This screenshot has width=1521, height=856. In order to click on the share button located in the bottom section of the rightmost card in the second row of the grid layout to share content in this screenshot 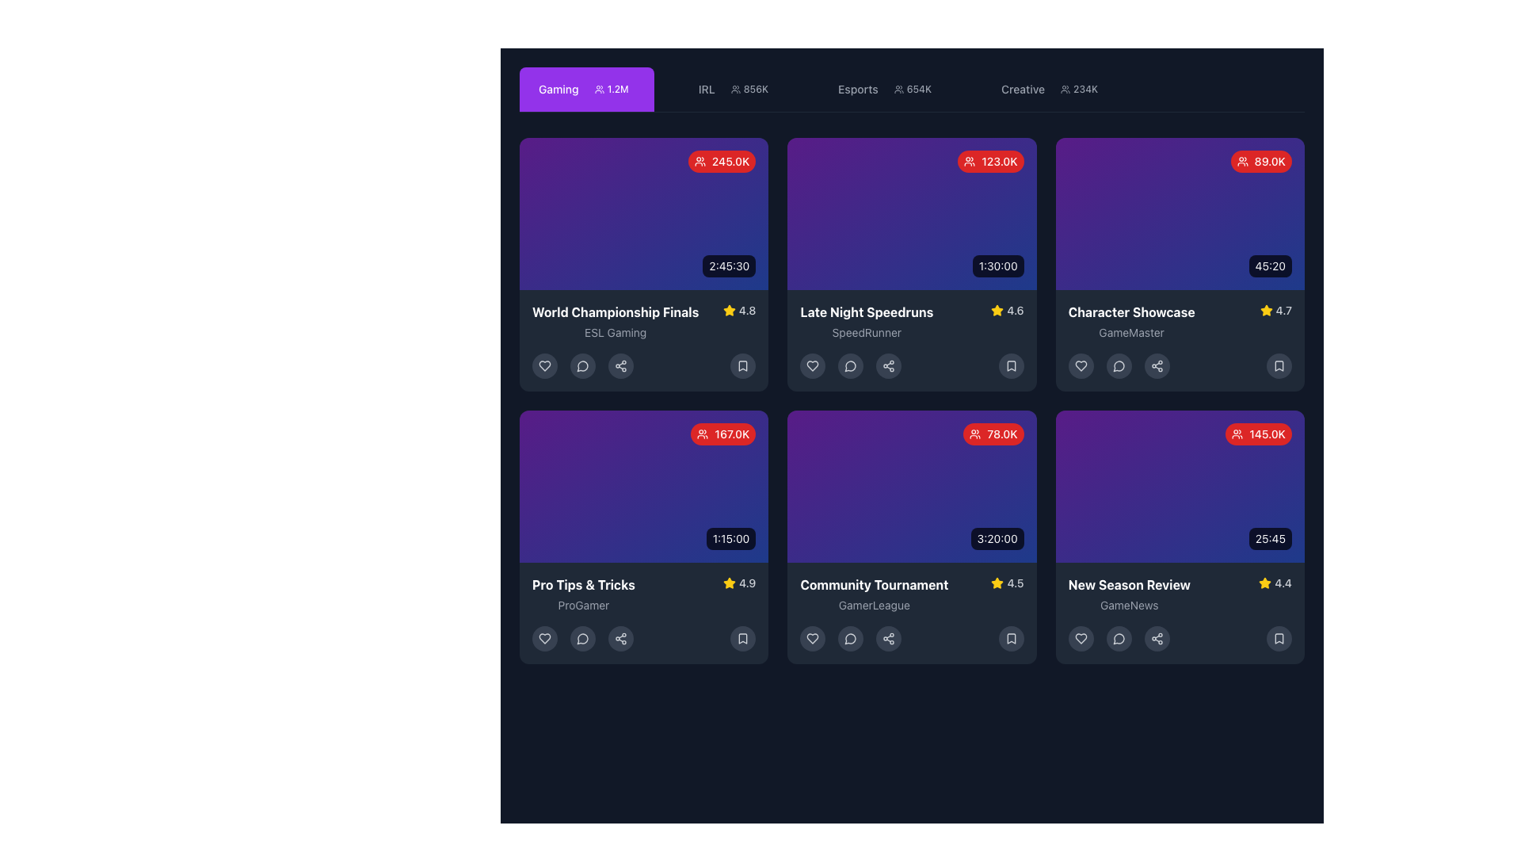, I will do `click(1157, 638)`.